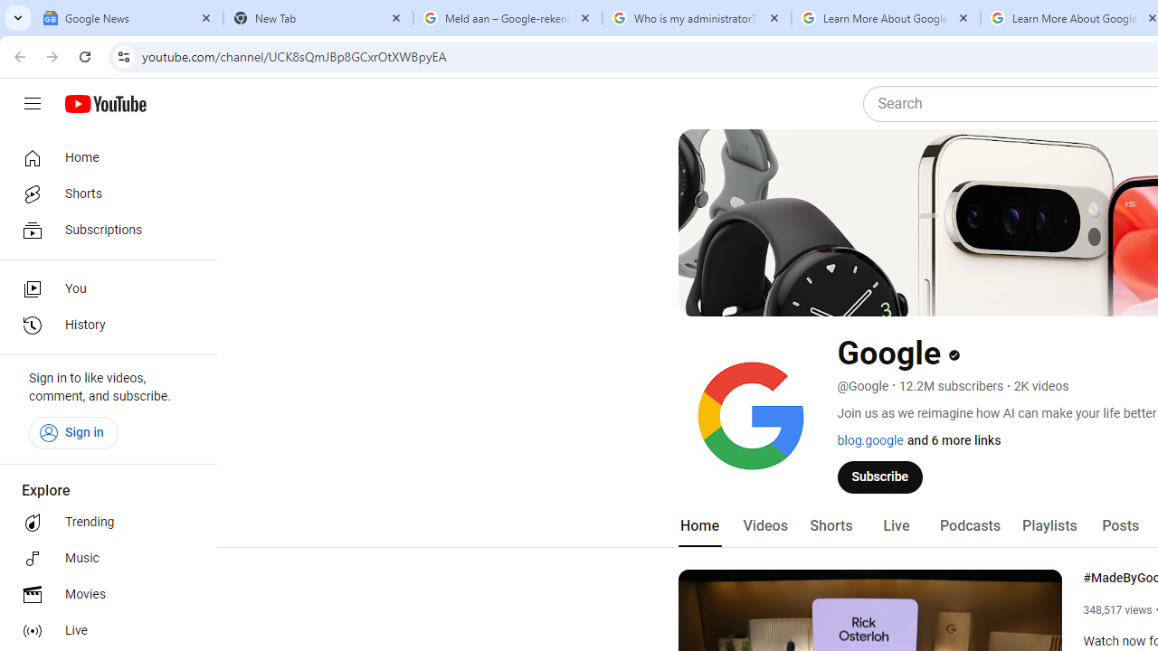 The width and height of the screenshot is (1158, 651). What do you see at coordinates (101, 156) in the screenshot?
I see `'Home'` at bounding box center [101, 156].